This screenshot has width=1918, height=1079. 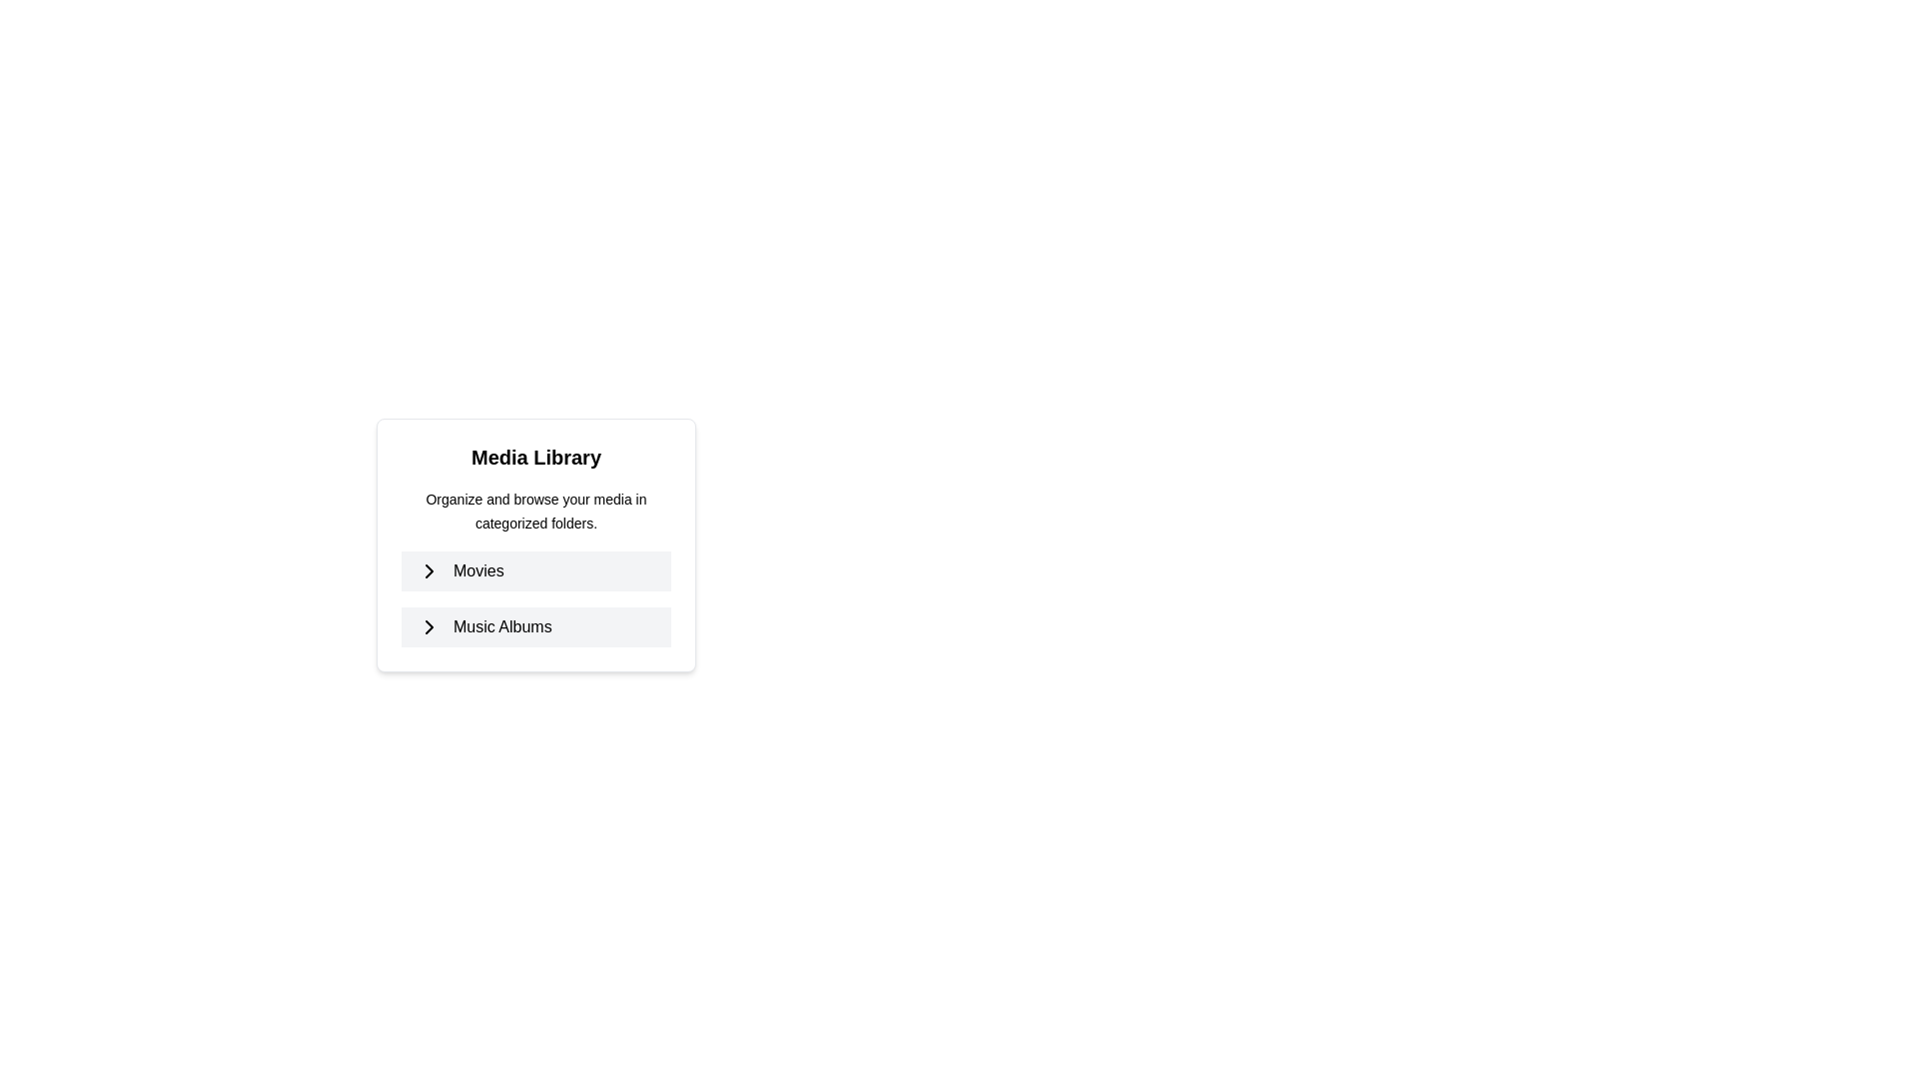 I want to click on the right-pointing chevron icon adjacent to the label 'Music Albums', so click(x=429, y=626).